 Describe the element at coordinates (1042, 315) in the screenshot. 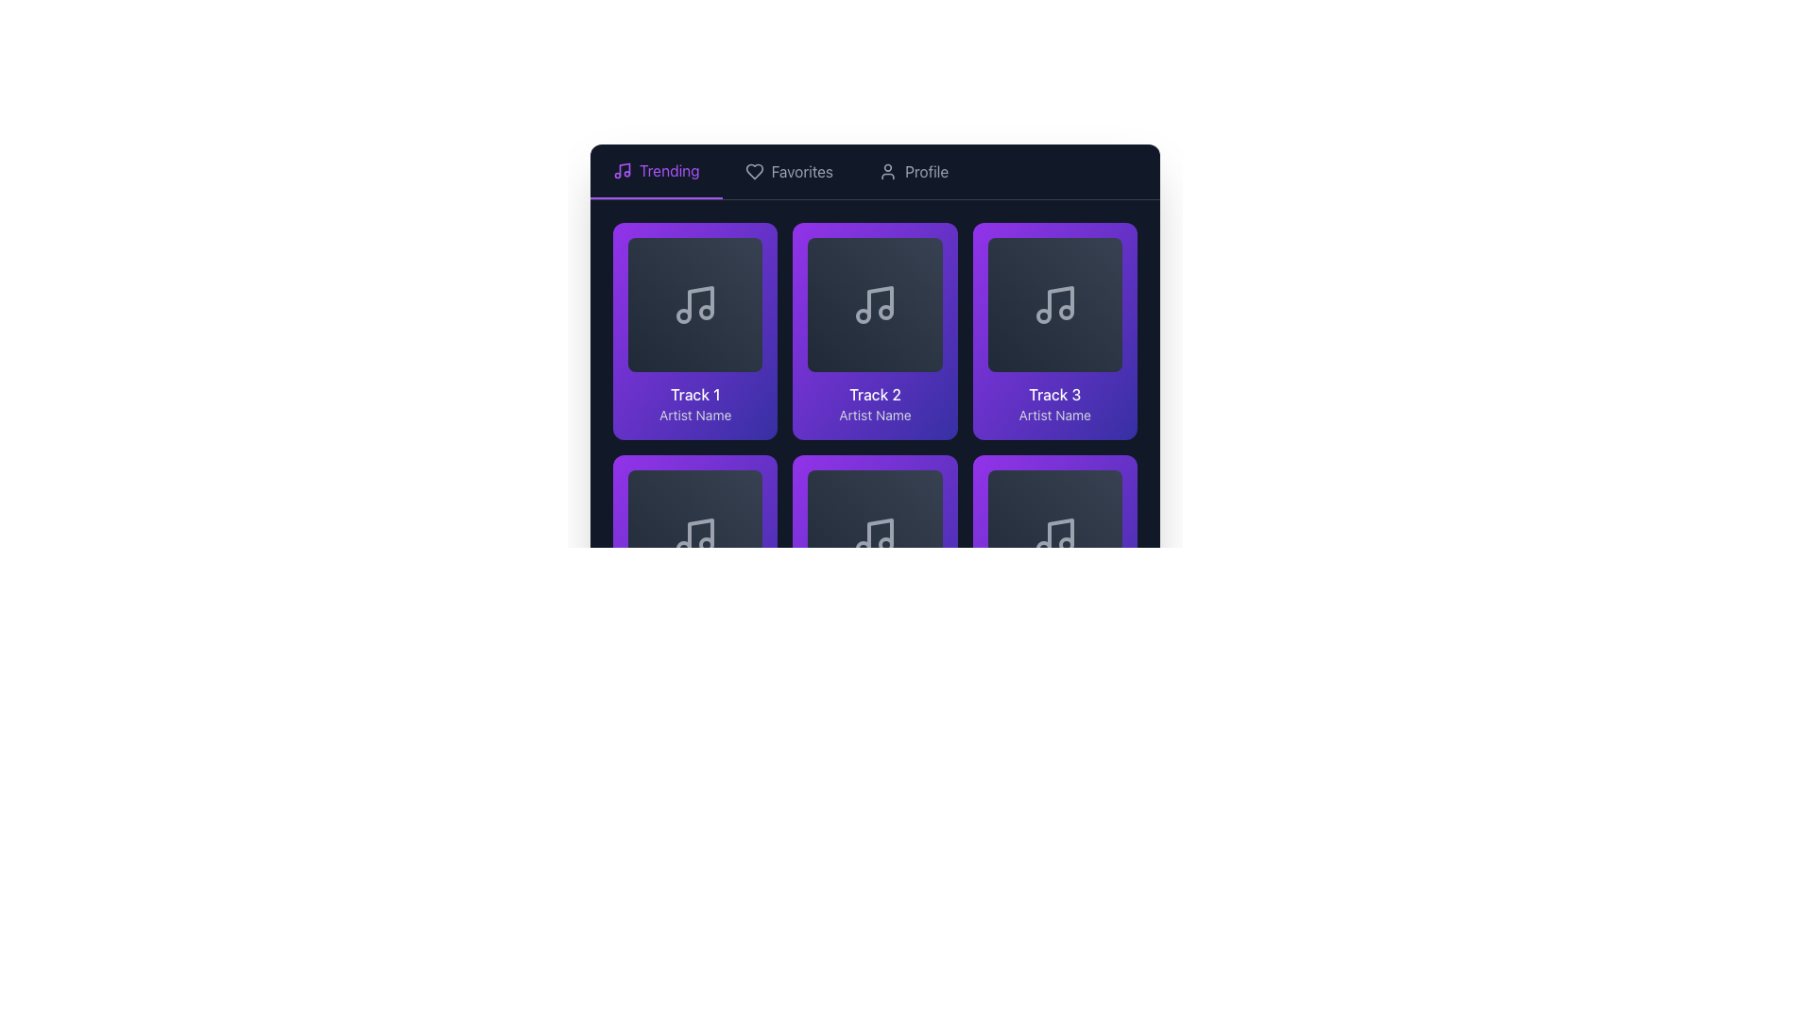

I see `the leftmost circular icon of the musical note within the card labeled 'Track 3' as part of the icon layout` at that location.